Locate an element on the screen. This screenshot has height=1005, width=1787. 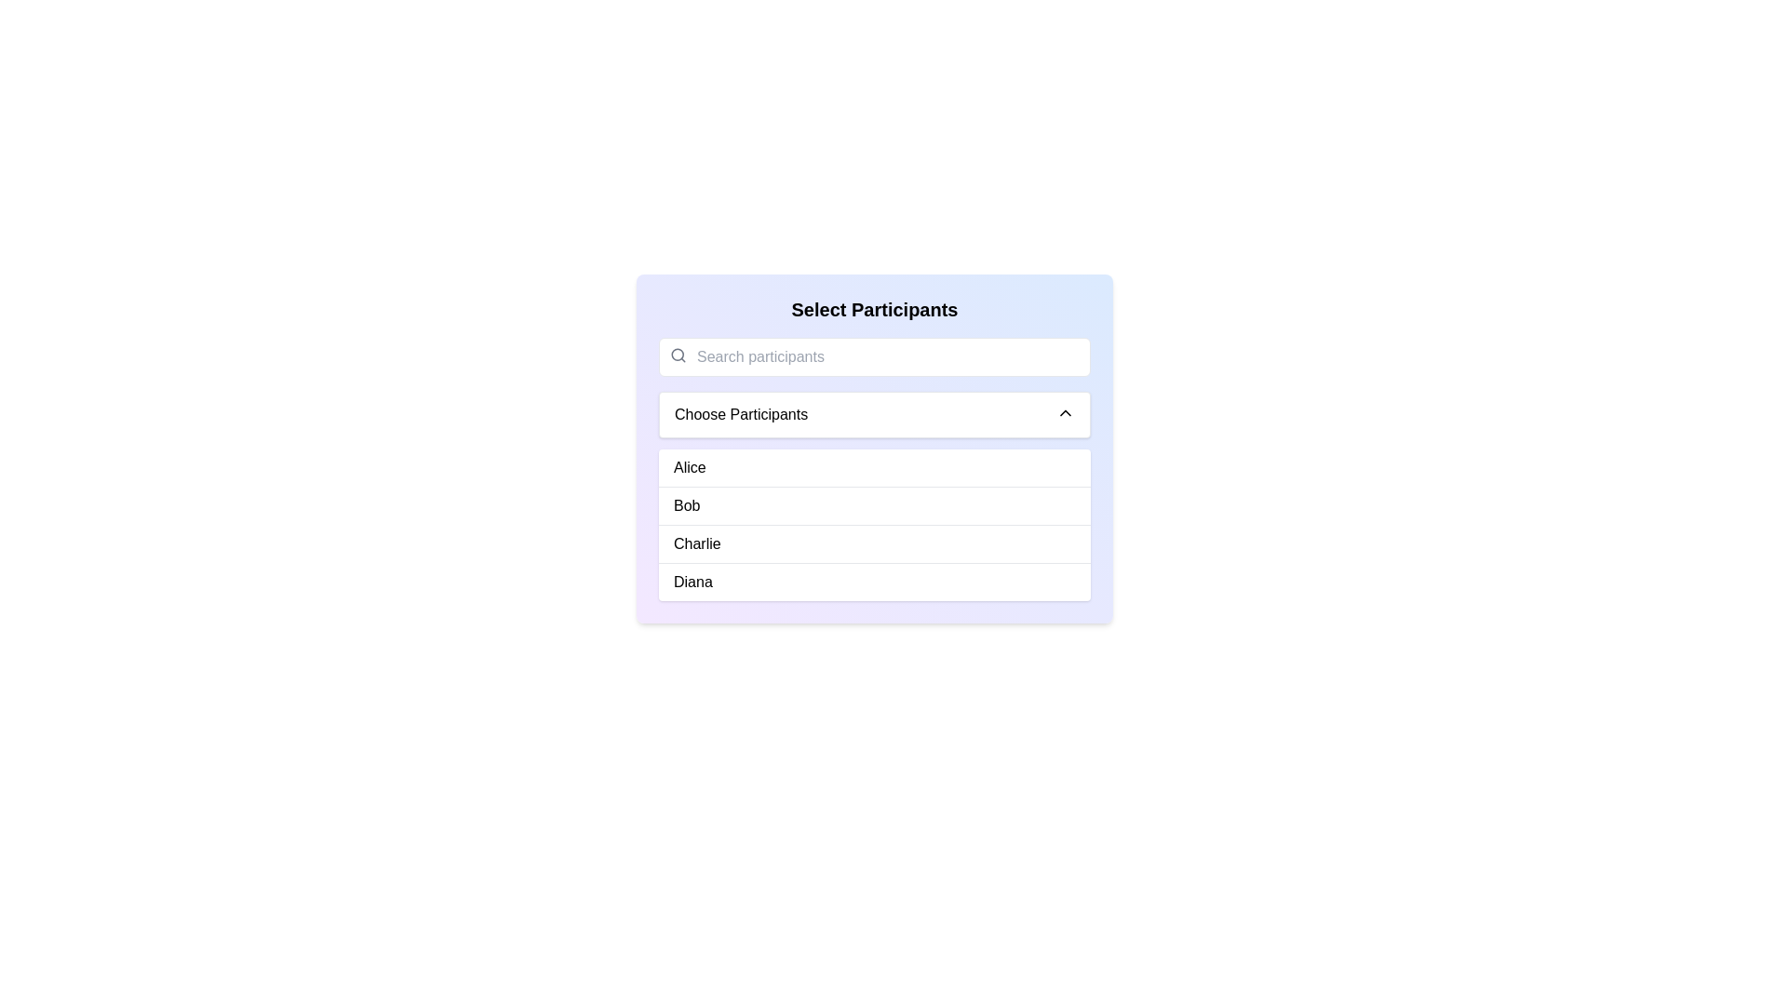
the text label displaying the name 'Bob', which is the second item in a vertical list under the heading 'Choose Participants' is located at coordinates (686, 505).